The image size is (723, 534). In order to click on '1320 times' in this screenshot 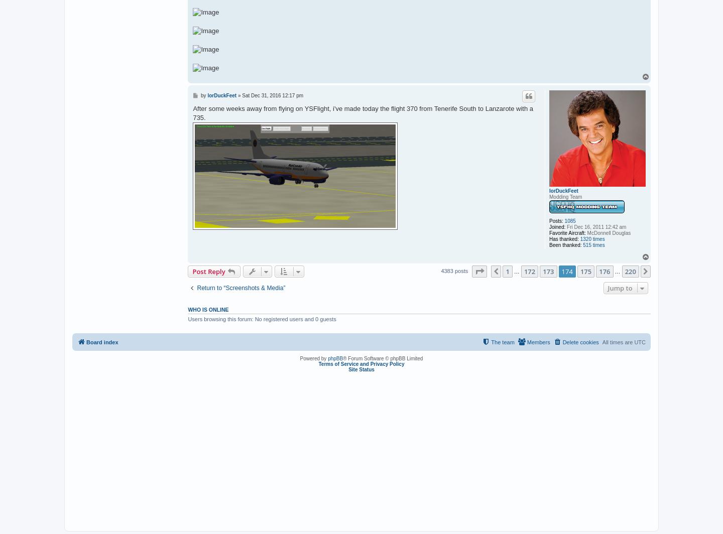, I will do `click(592, 238)`.